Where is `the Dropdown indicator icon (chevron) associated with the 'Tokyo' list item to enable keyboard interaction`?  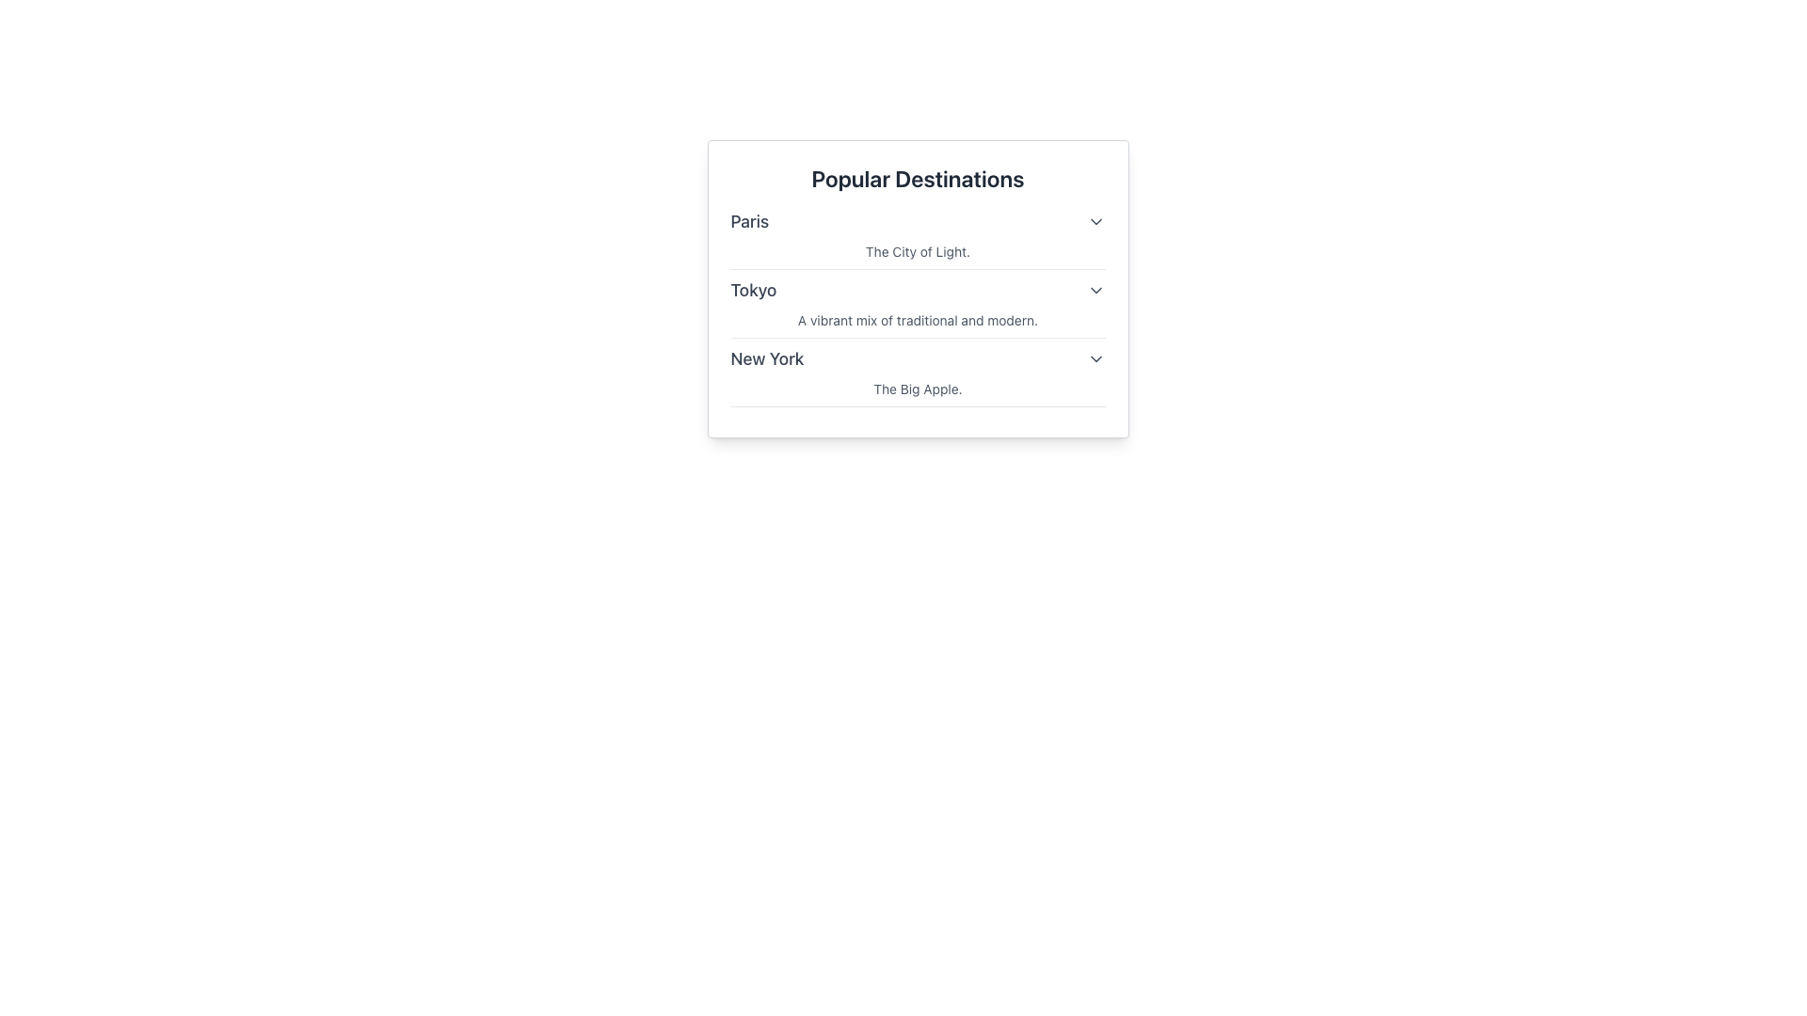 the Dropdown indicator icon (chevron) associated with the 'Tokyo' list item to enable keyboard interaction is located at coordinates (1095, 290).